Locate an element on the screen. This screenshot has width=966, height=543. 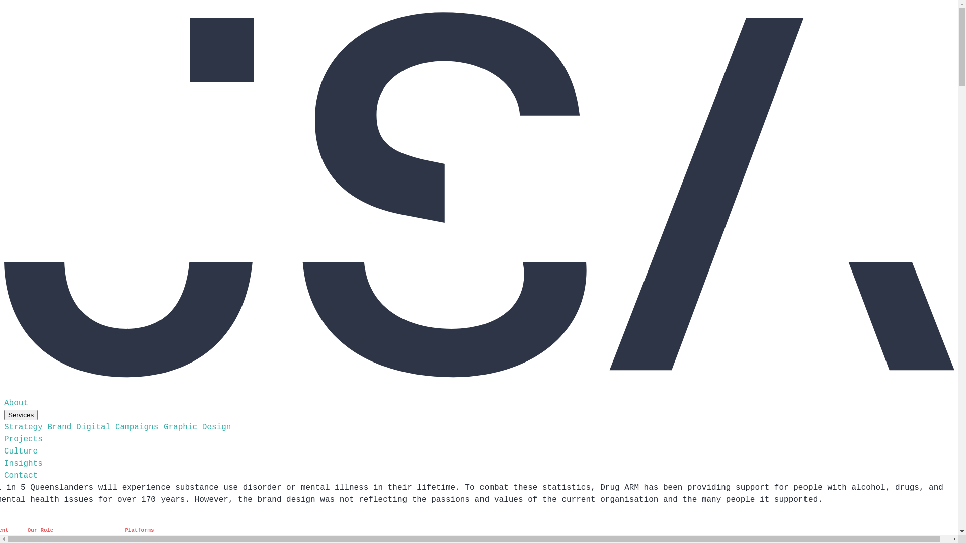
'Projects' is located at coordinates (23, 439).